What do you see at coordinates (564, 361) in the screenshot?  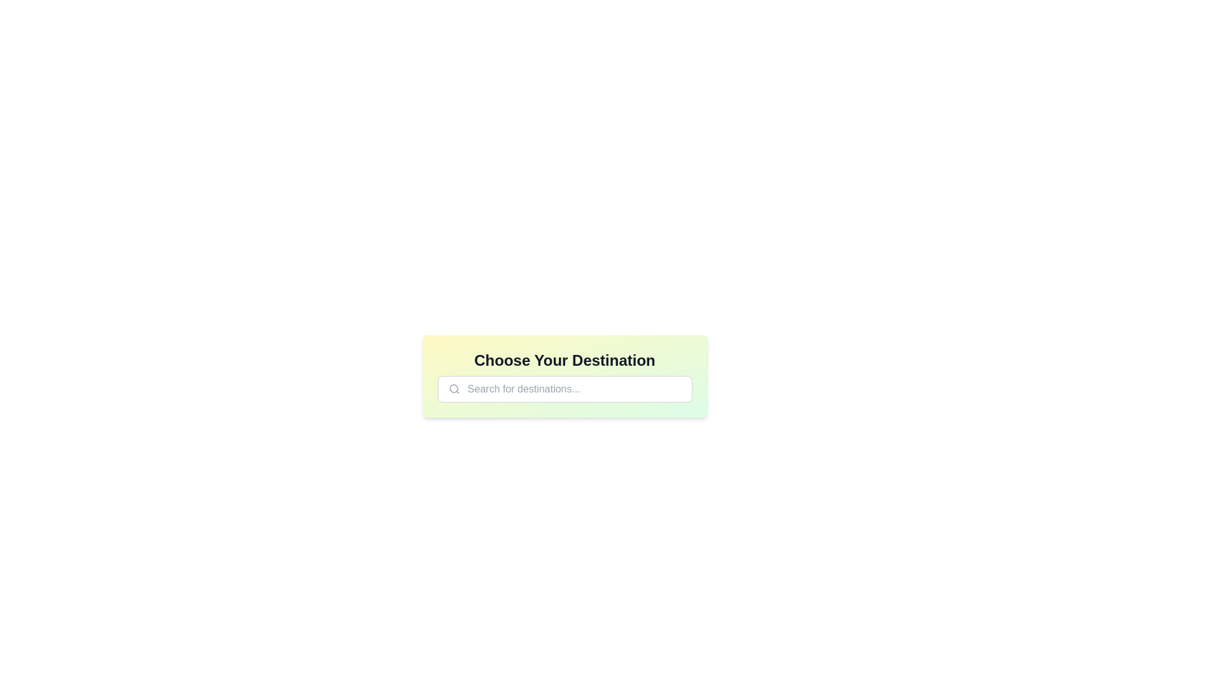 I see `the heading or title text element that conveys the main focus of the destination selection section, located above the search bar and centered horizontally` at bounding box center [564, 361].